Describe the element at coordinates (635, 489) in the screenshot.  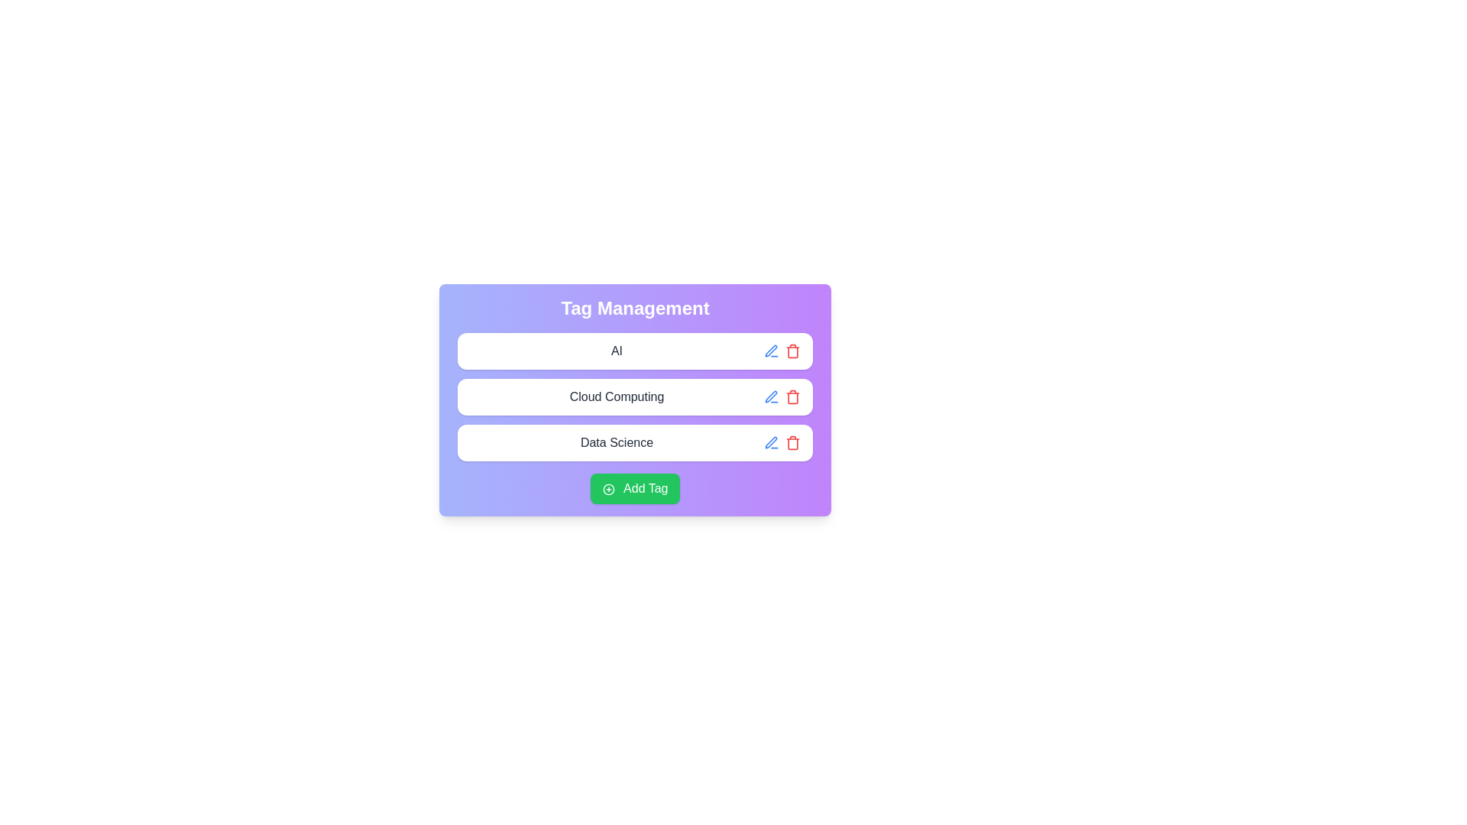
I see `the green 'Add Tag' button with white text and a '+' icon` at that location.